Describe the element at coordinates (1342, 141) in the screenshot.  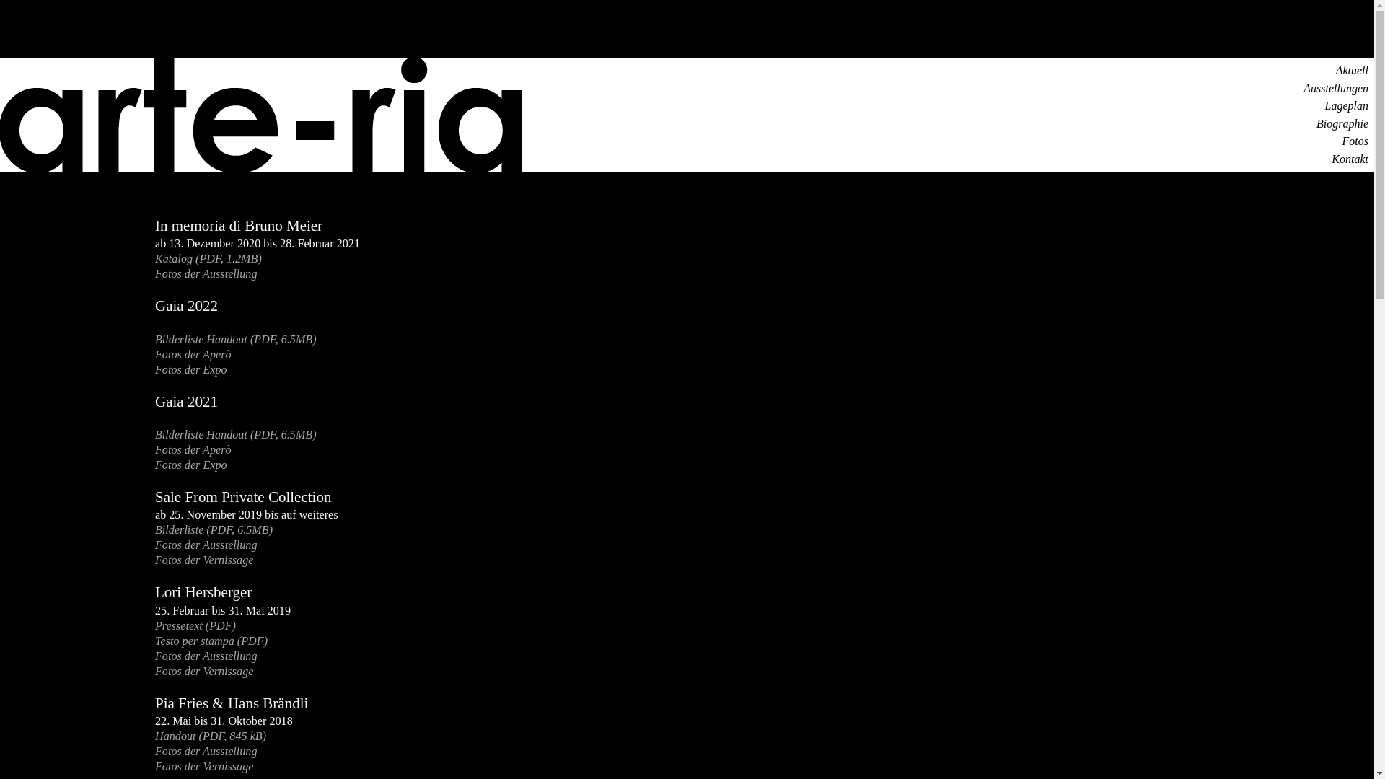
I see `'Fotos'` at that location.